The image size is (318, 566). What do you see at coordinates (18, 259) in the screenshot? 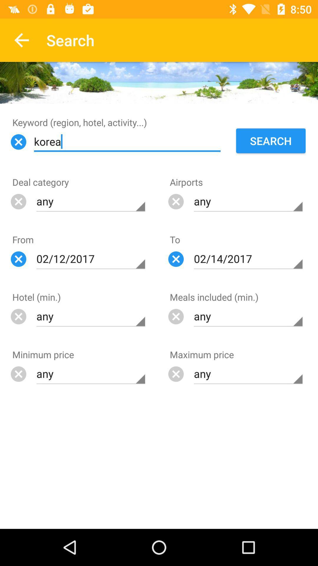
I see `the close icon` at bounding box center [18, 259].